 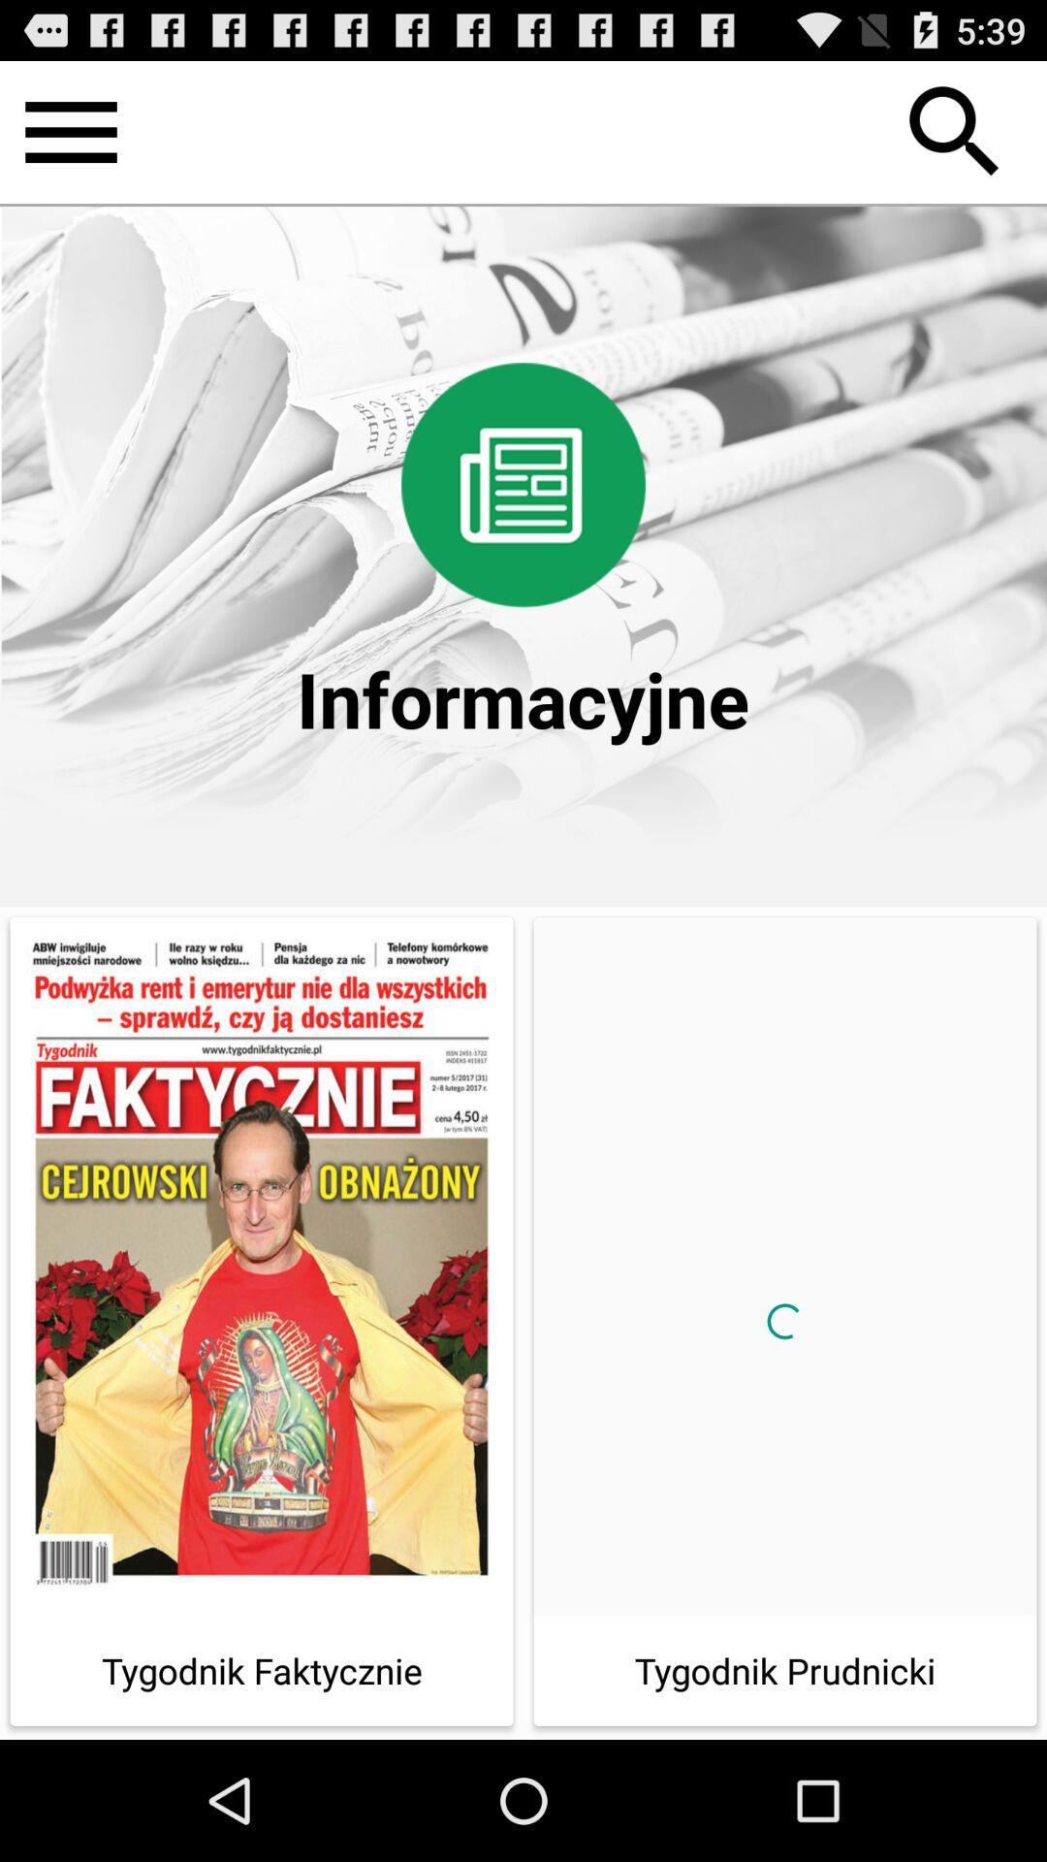 What do you see at coordinates (70, 131) in the screenshot?
I see `this is a menu icon of the app` at bounding box center [70, 131].